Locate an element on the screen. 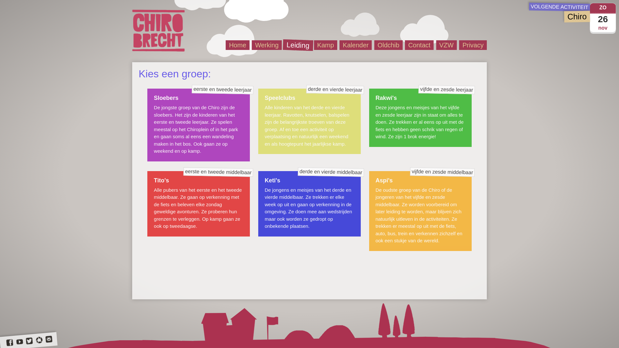 This screenshot has height=348, width=619. 'Privacy' is located at coordinates (473, 44).